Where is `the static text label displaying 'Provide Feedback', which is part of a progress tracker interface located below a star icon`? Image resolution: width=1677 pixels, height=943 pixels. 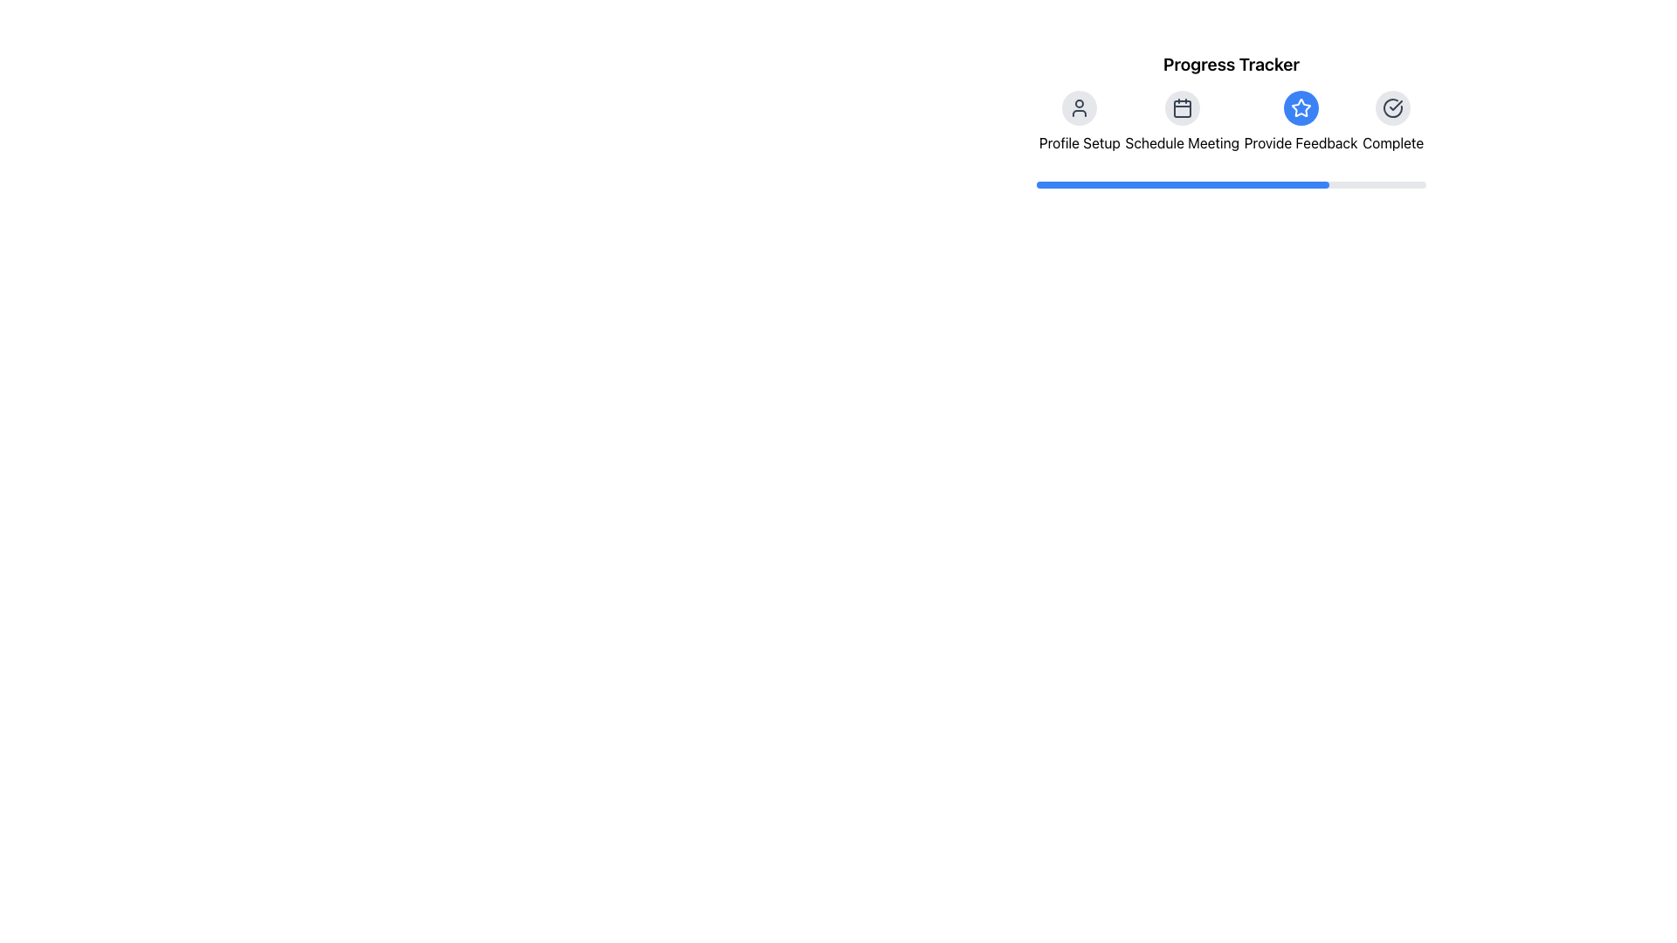 the static text label displaying 'Provide Feedback', which is part of a progress tracker interface located below a star icon is located at coordinates (1301, 142).